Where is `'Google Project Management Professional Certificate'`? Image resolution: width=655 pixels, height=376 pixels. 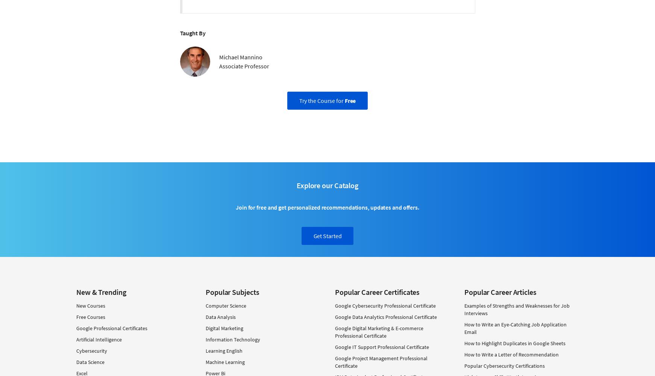 'Google Project Management Professional Certificate' is located at coordinates (381, 361).